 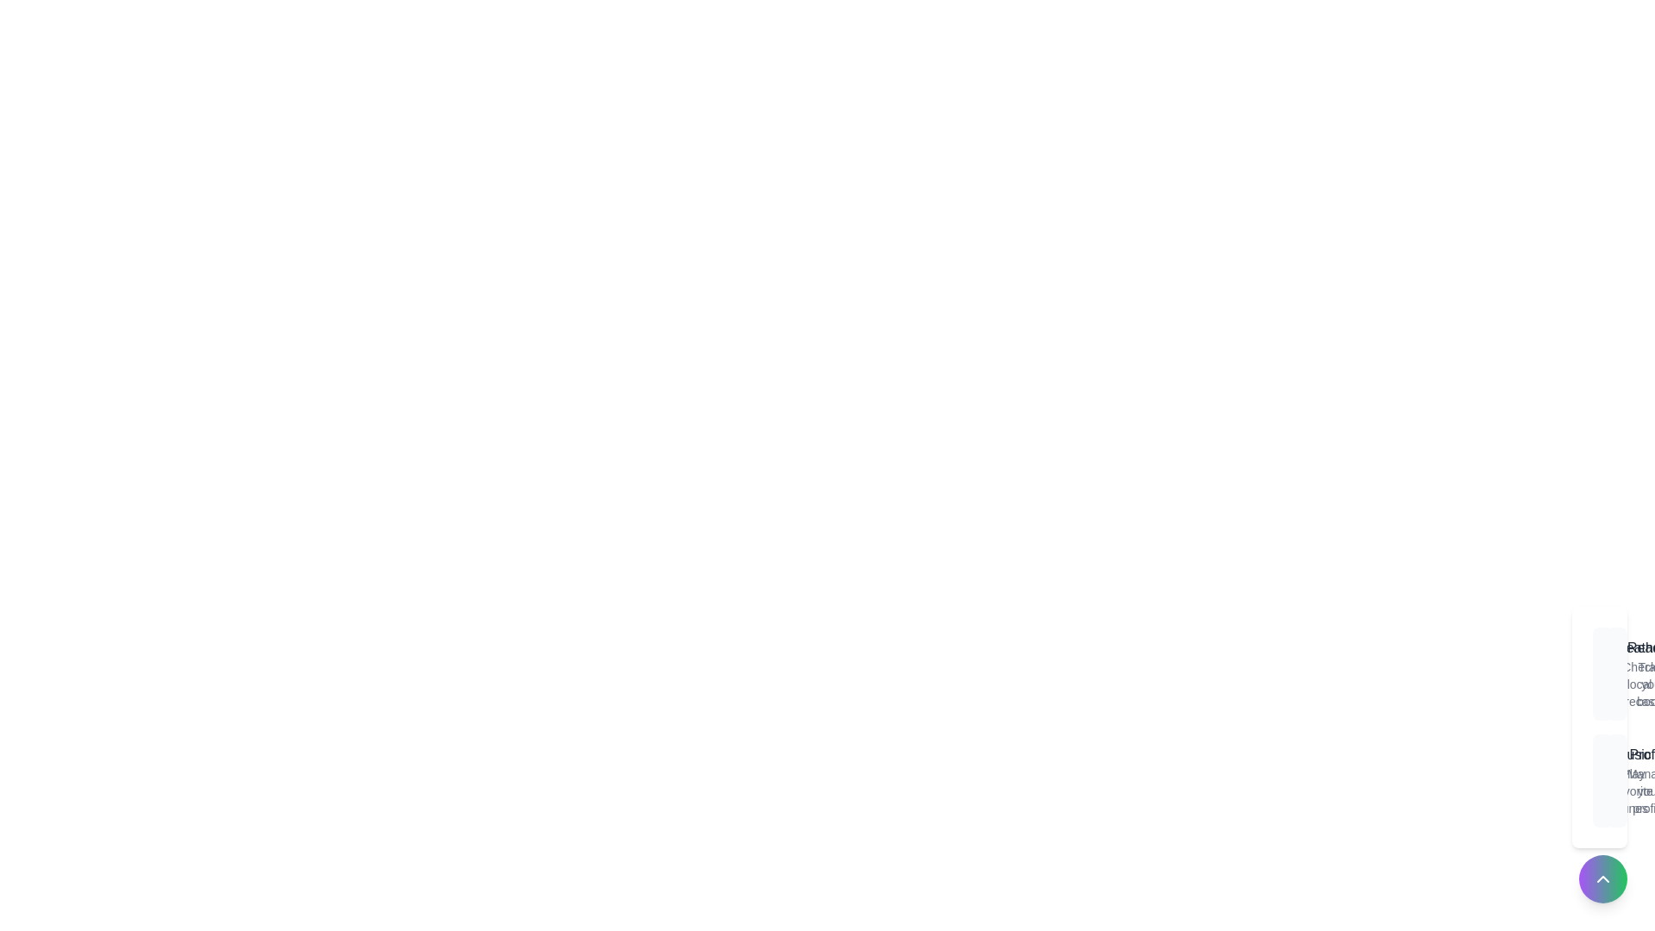 I want to click on the element labeled Music to observe its hover effect, so click(x=1602, y=781).